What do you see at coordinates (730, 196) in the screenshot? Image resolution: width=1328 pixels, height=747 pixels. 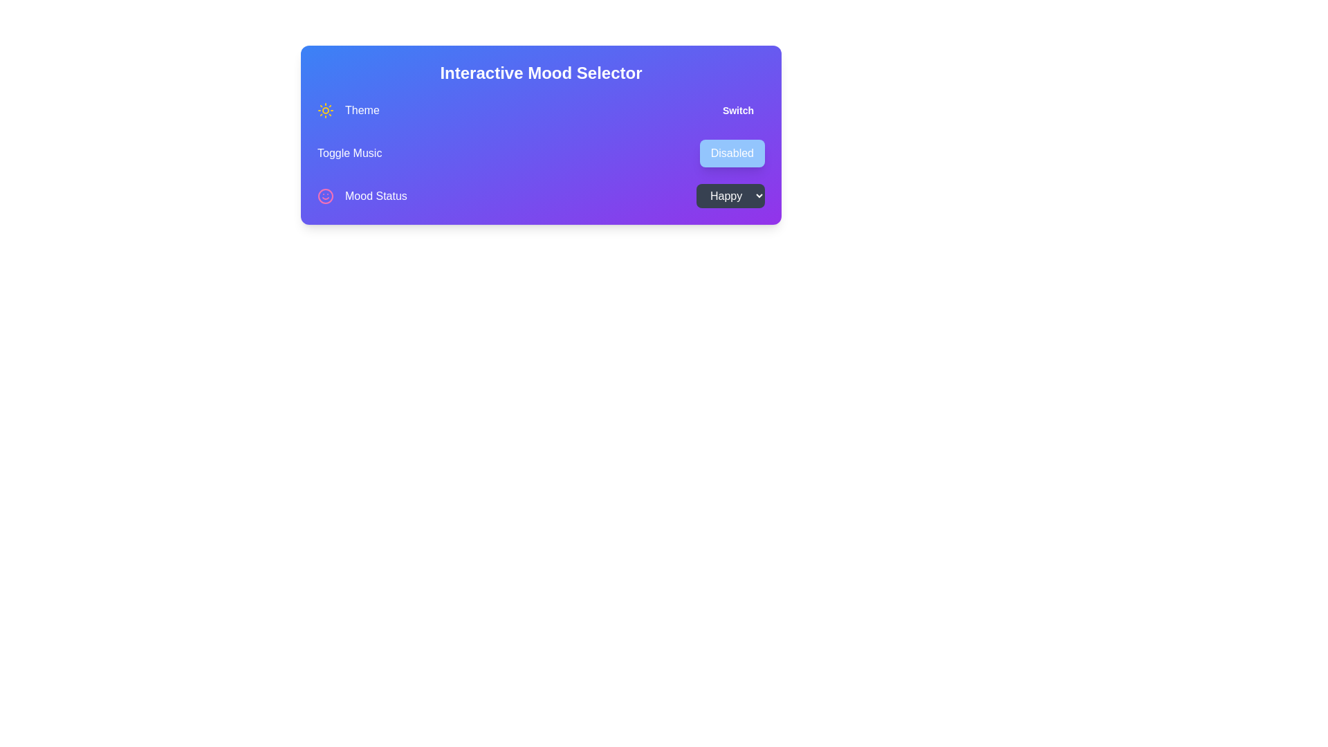 I see `the Dropdown menu button located in the lower right section of the 'Interactive Mood Selector' card` at bounding box center [730, 196].